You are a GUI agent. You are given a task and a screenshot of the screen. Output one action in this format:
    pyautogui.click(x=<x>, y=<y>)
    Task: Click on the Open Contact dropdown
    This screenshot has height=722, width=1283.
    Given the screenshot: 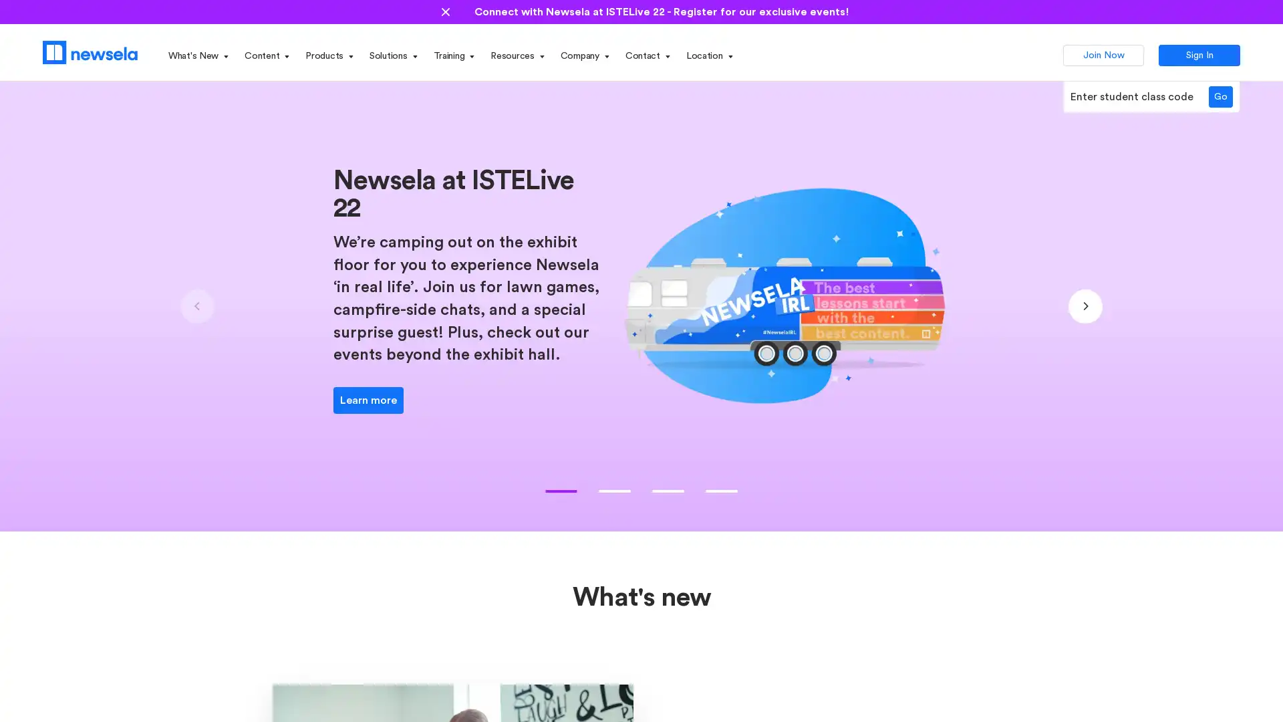 What is the action you would take?
    pyautogui.click(x=668, y=55)
    